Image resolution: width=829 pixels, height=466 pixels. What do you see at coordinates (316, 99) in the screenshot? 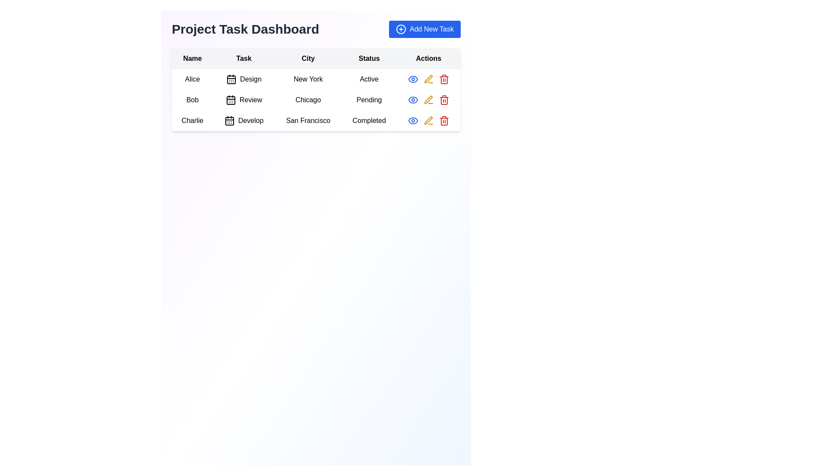
I see `the second row of the task management dashboard that displays details for the task assigned to 'Bob'` at bounding box center [316, 99].